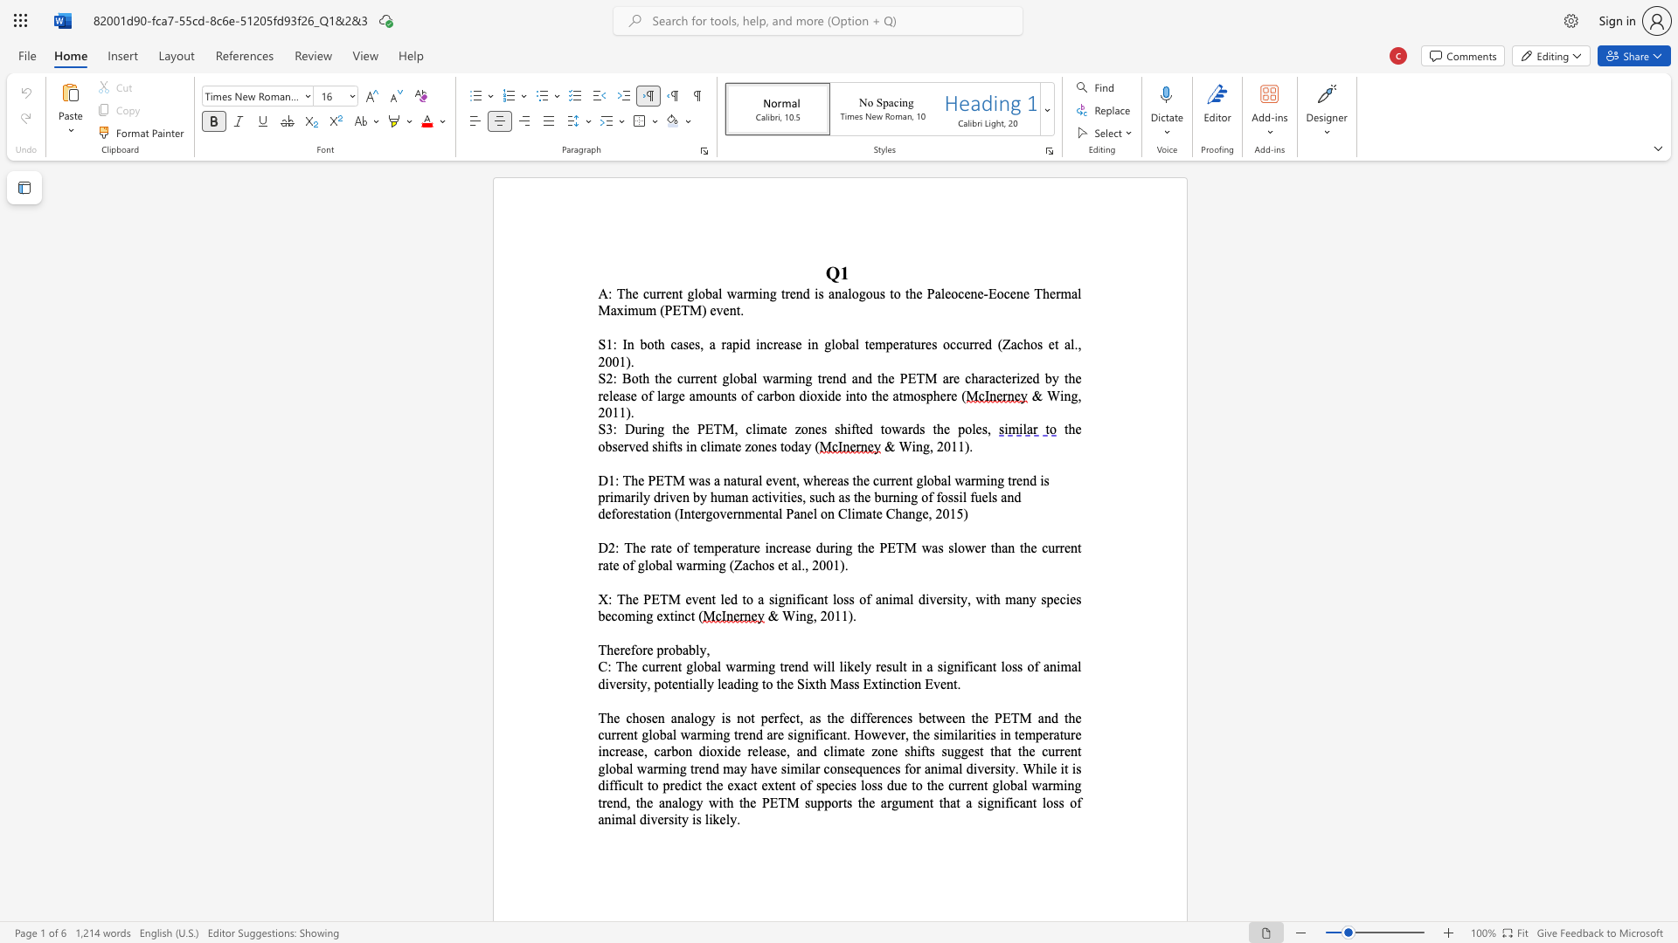 This screenshot has height=943, width=1678. Describe the element at coordinates (628, 396) in the screenshot. I see `the 1th character "s" in the text` at that location.